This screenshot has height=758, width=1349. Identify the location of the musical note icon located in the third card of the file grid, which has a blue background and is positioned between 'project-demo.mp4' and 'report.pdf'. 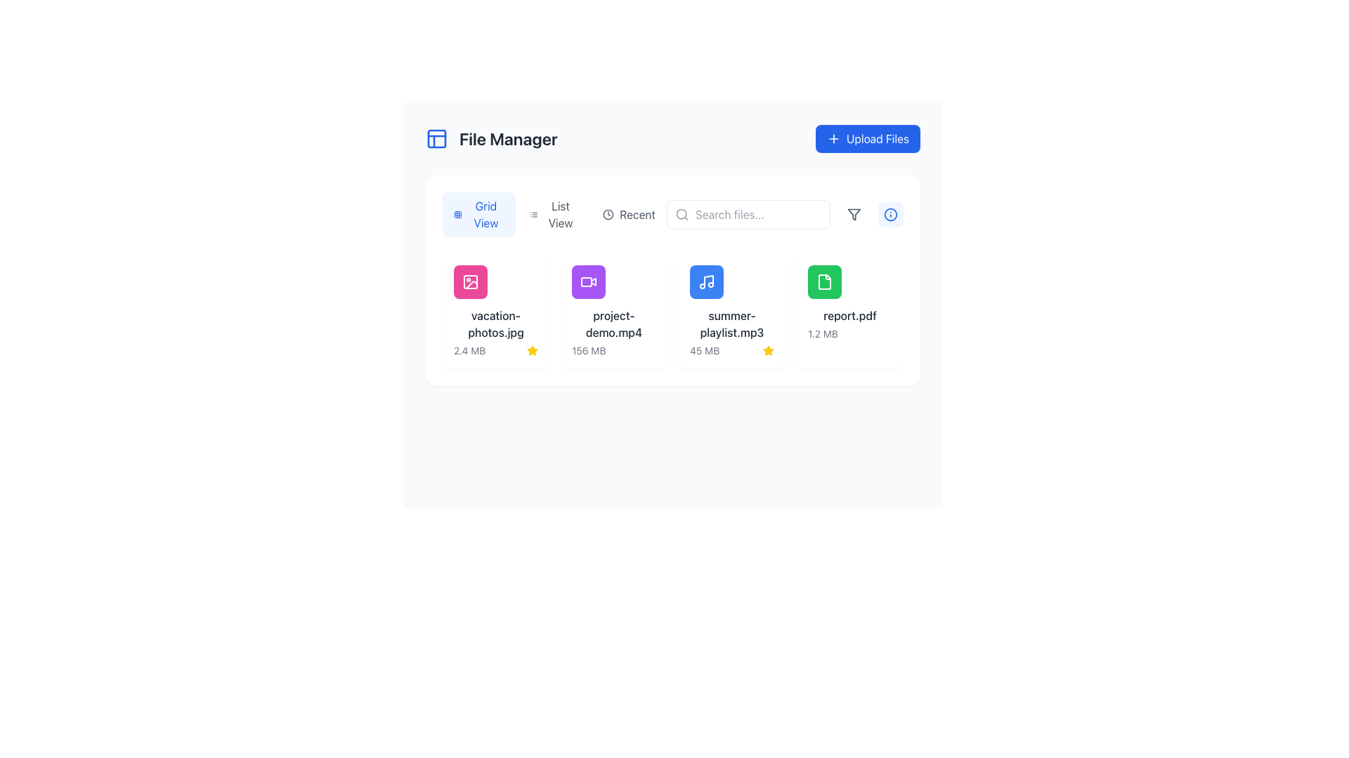
(707, 281).